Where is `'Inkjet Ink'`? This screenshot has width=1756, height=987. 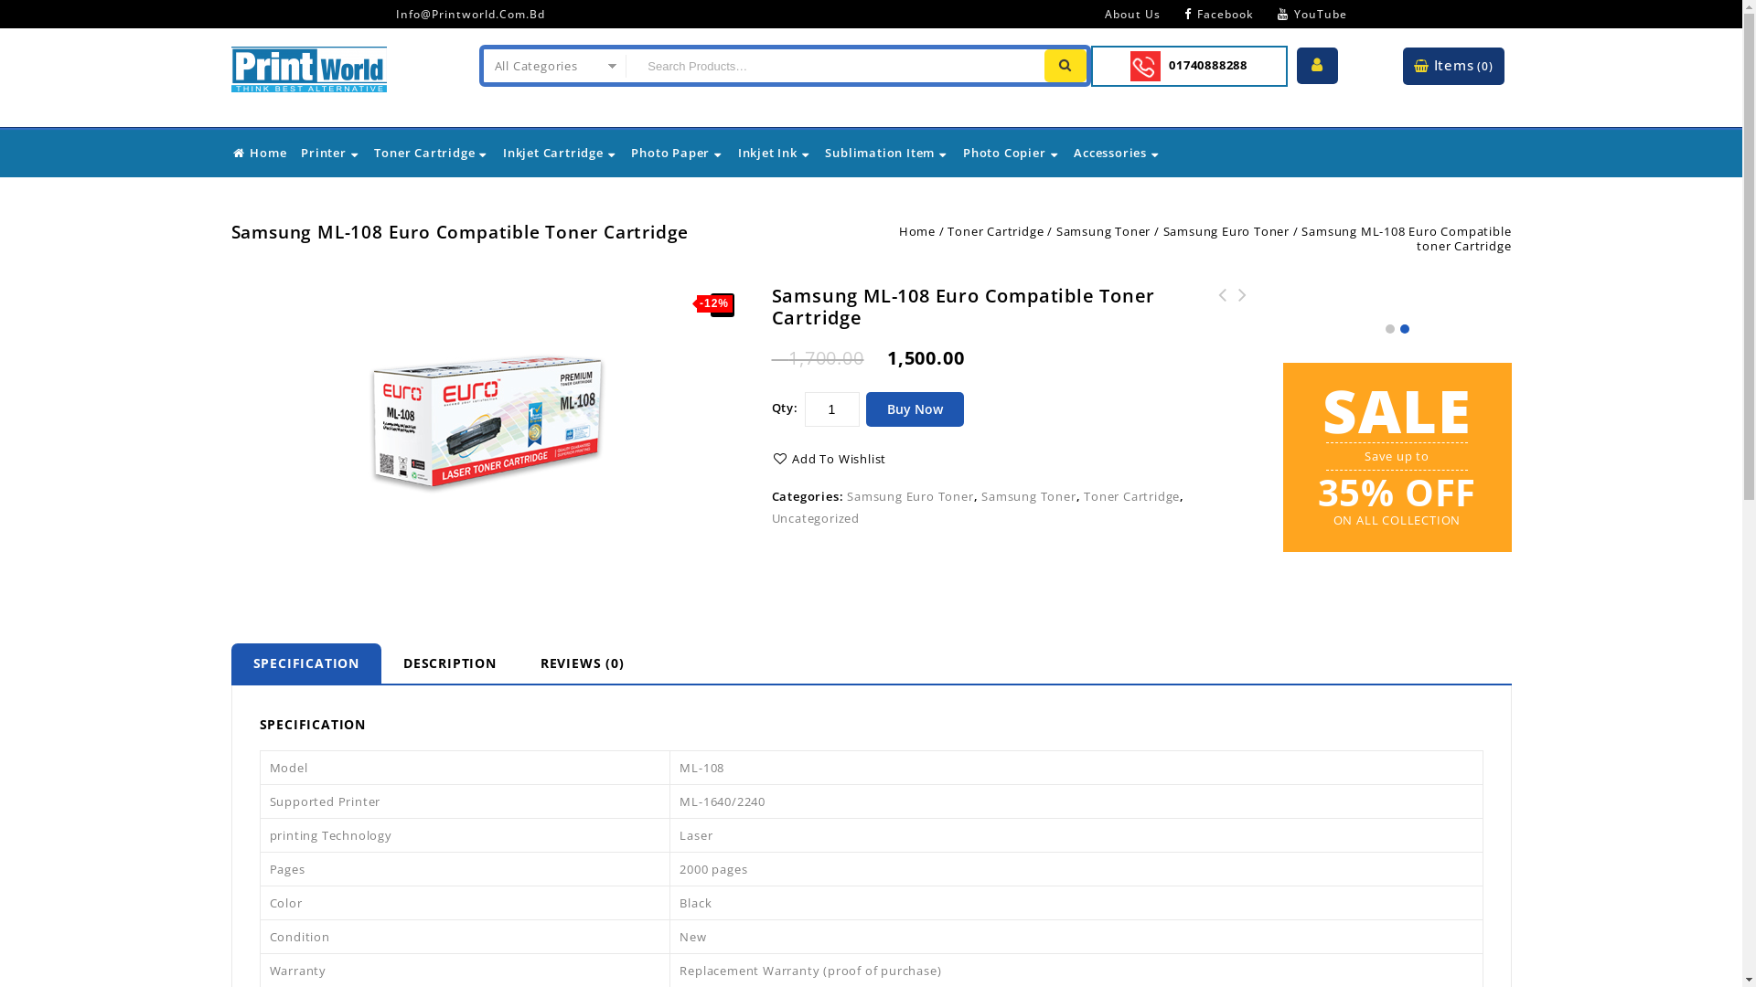 'Inkjet Ink' is located at coordinates (774, 151).